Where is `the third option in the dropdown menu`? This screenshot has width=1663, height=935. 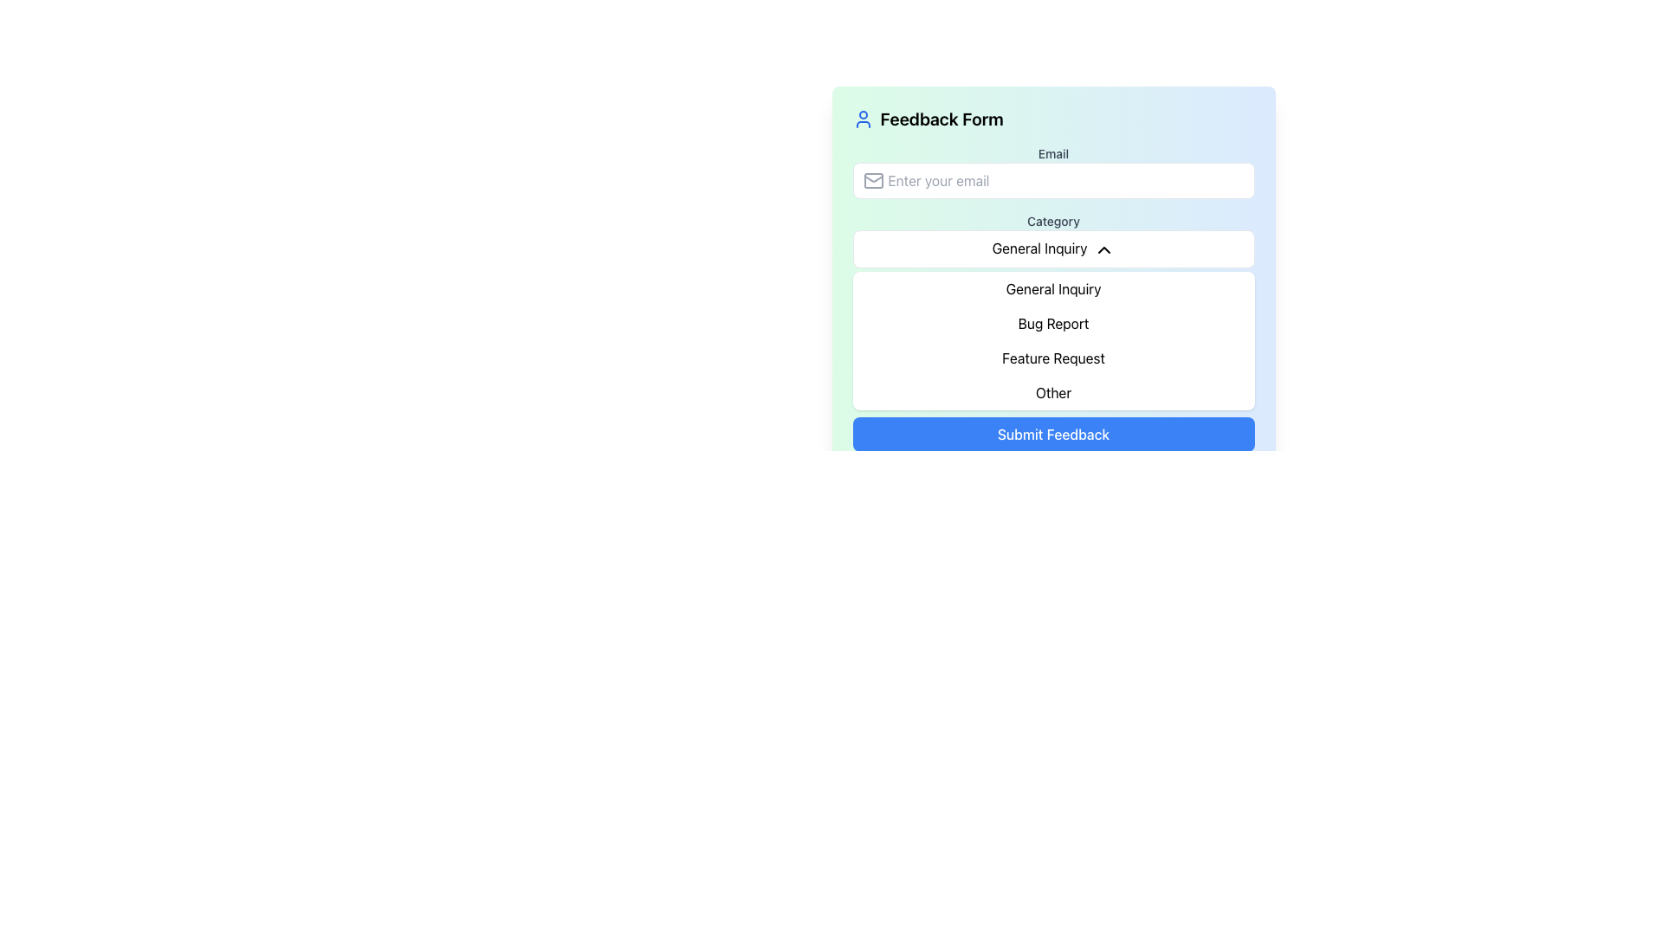 the third option in the dropdown menu is located at coordinates (1052, 357).